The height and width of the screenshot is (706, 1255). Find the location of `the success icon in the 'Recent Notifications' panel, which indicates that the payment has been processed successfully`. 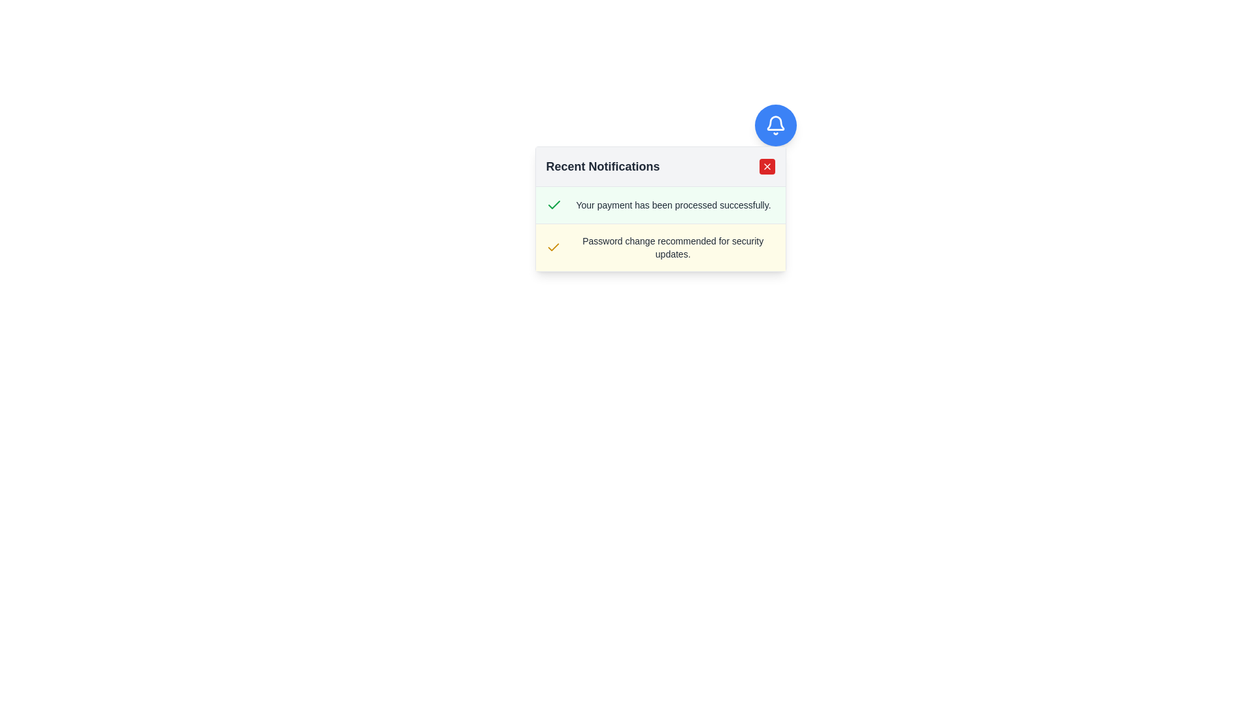

the success icon in the 'Recent Notifications' panel, which indicates that the payment has been processed successfully is located at coordinates (554, 205).